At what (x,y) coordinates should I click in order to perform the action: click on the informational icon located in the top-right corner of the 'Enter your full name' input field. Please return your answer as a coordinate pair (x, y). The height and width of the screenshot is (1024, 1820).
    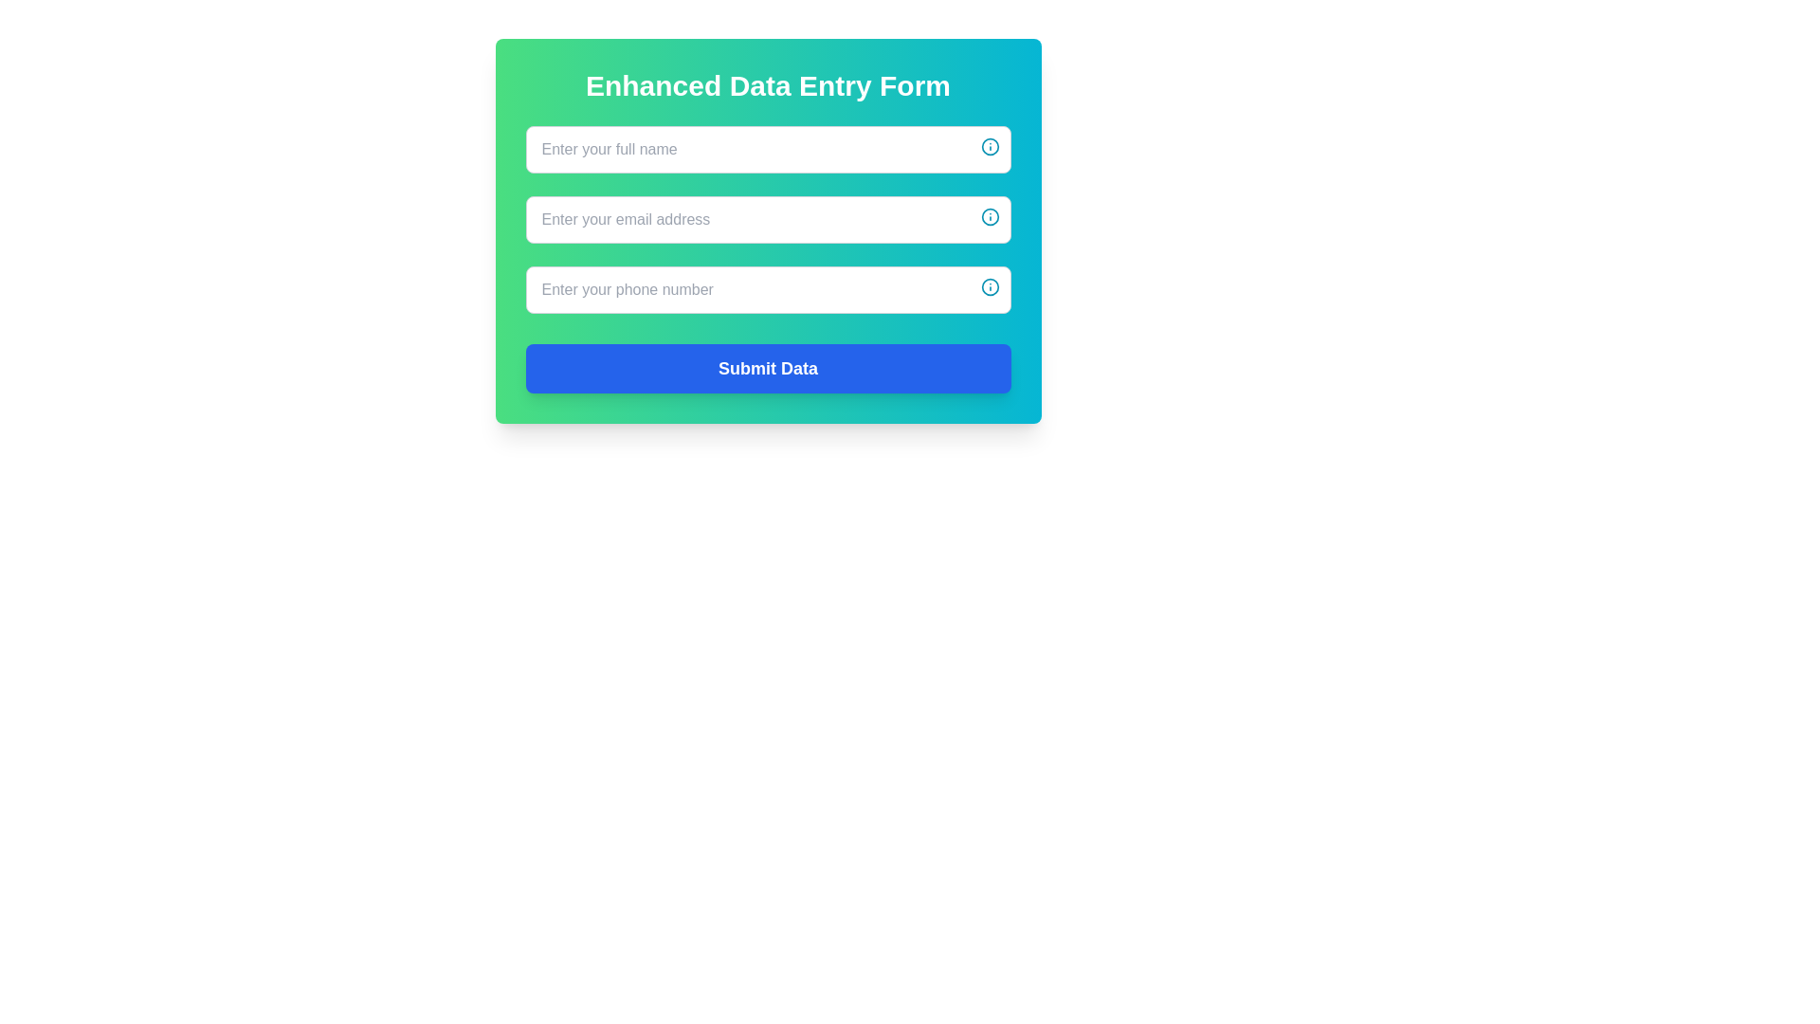
    Looking at the image, I should click on (989, 145).